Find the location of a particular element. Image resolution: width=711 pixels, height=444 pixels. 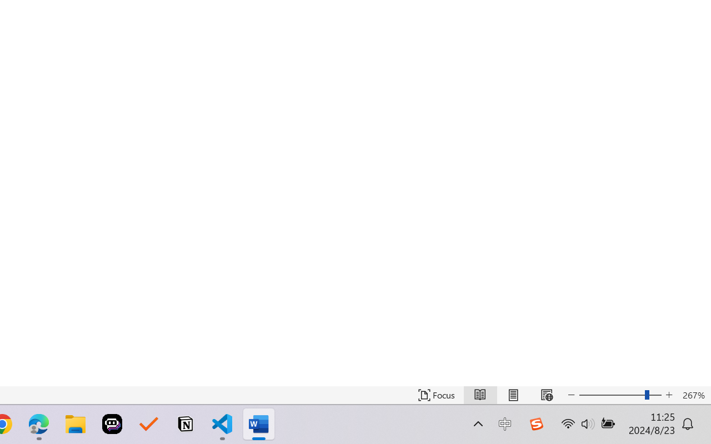

'Decrease Text Size' is located at coordinates (572, 395).